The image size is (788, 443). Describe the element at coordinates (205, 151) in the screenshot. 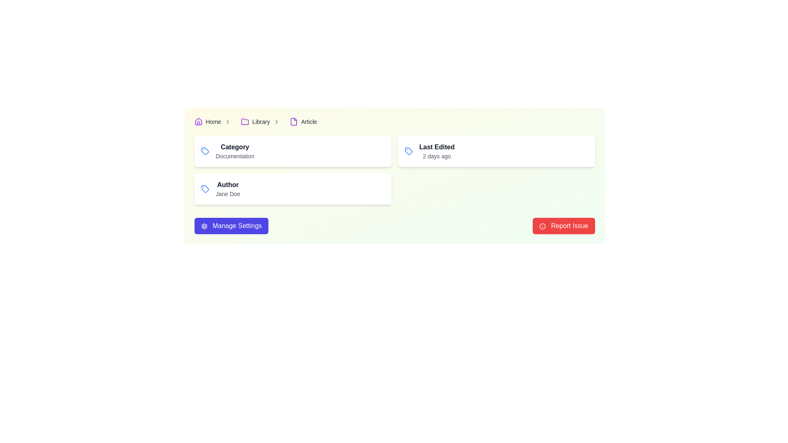

I see `the icon representing a tag or category located within the 'Category' card, aligned next to the text 'Category' and 'Documentation'` at that location.